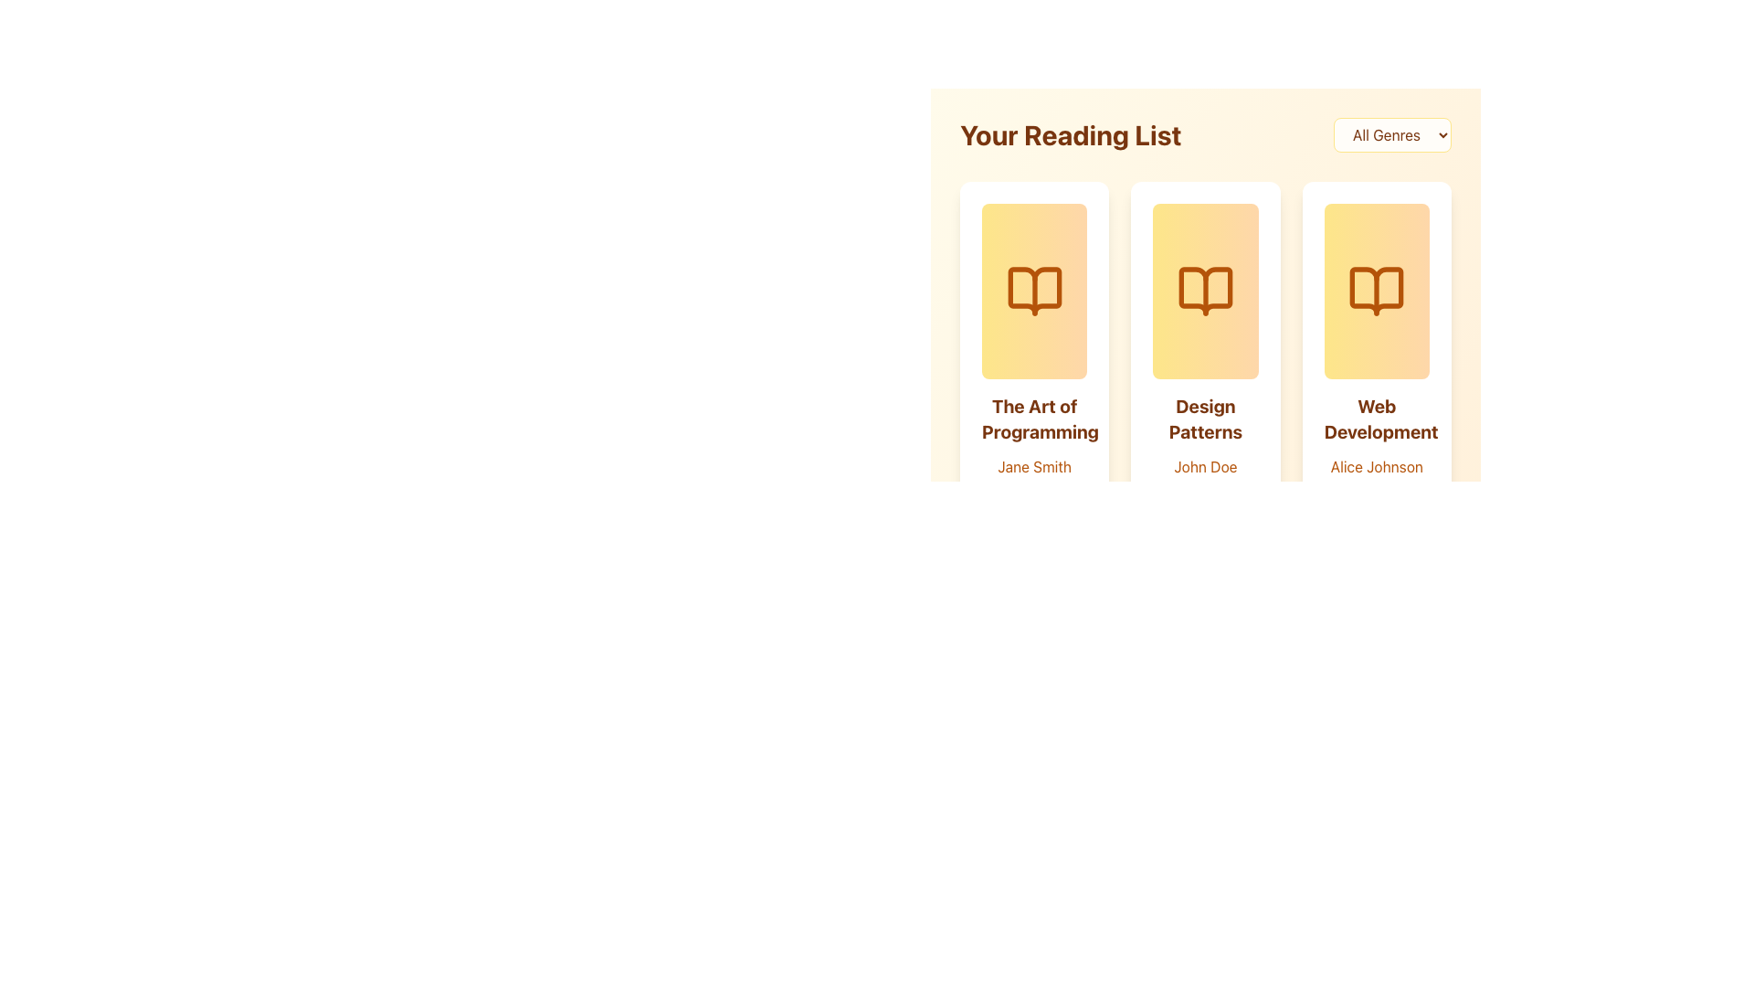  I want to click on the decorative icon centered on the rounded rectangular card in the reading list interface, which likely serves as an identifier for the card's content type, so click(1206, 291).